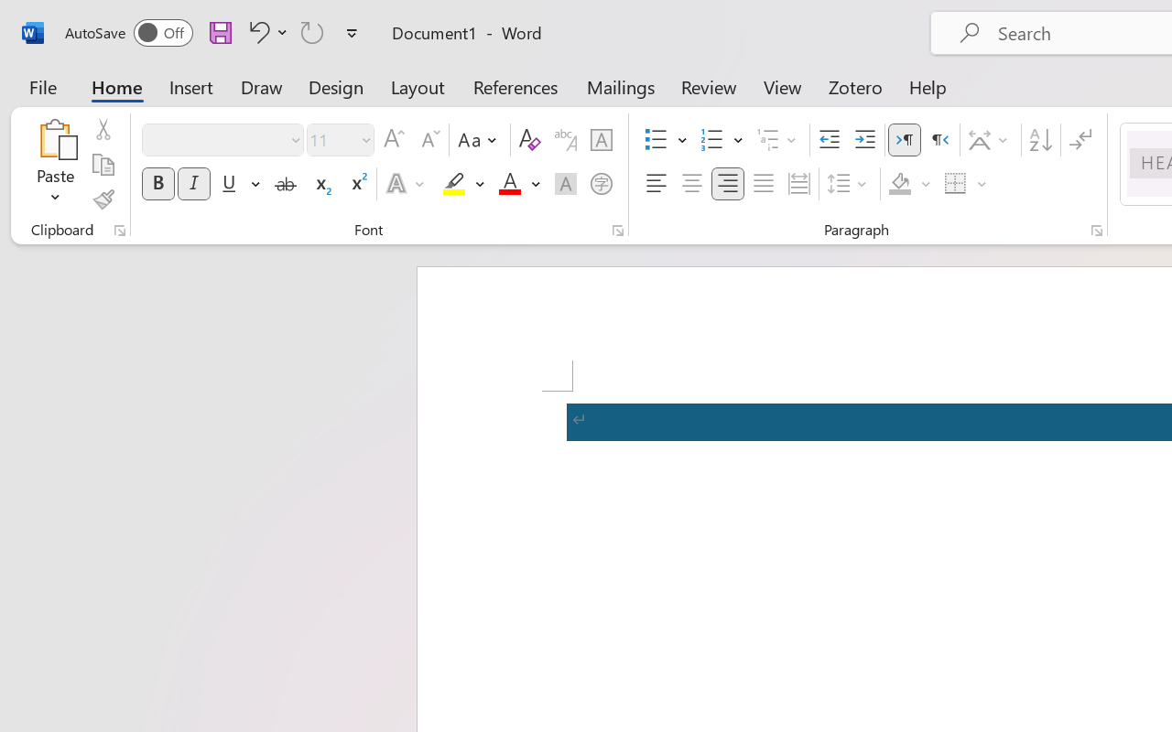 The height and width of the screenshot is (732, 1172). Describe the element at coordinates (265, 31) in the screenshot. I see `'Undo'` at that location.